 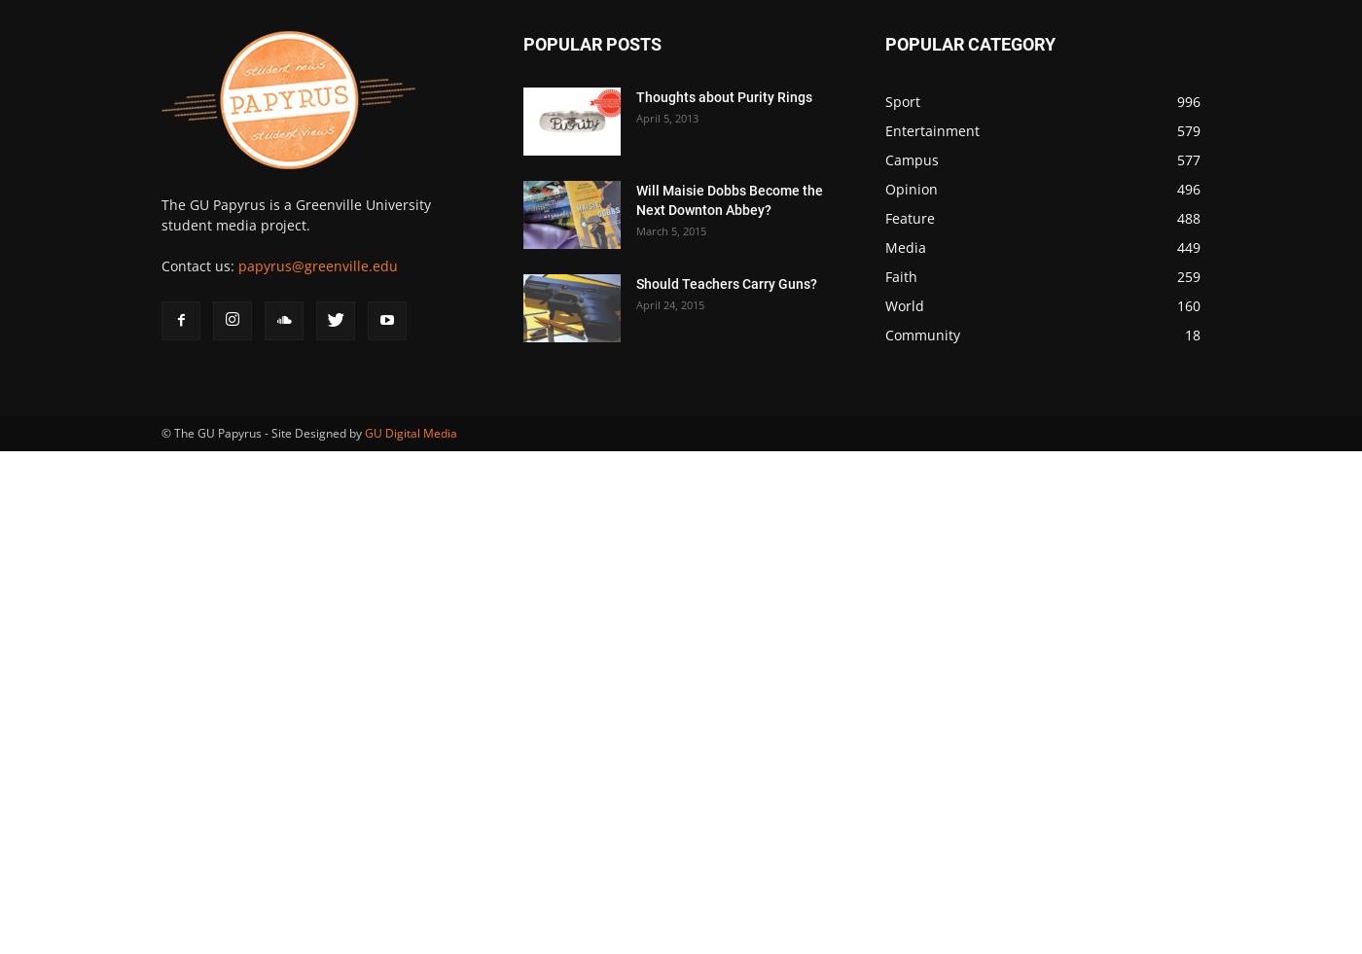 I want to click on 'POPULAR CATEGORY', so click(x=970, y=43).